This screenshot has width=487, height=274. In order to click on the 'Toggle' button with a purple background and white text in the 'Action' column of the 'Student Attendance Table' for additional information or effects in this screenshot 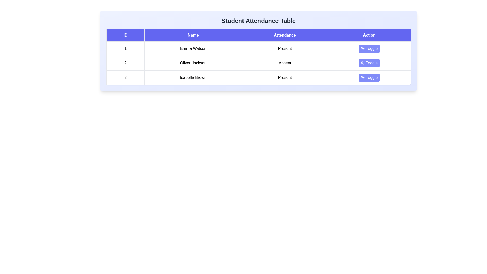, I will do `click(369, 49)`.